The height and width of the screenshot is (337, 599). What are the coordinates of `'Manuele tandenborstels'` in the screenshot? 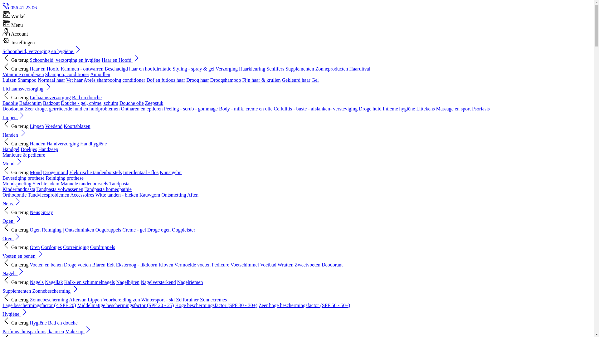 It's located at (60, 183).